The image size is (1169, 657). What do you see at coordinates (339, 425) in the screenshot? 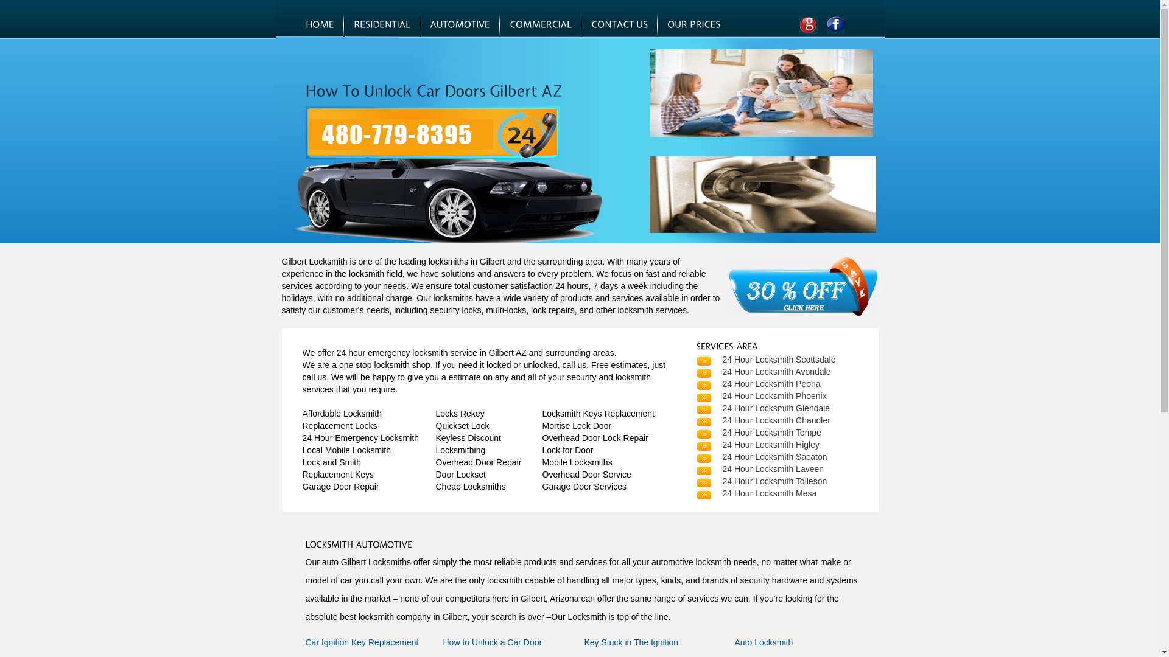
I see `'Replacement Locks'` at bounding box center [339, 425].